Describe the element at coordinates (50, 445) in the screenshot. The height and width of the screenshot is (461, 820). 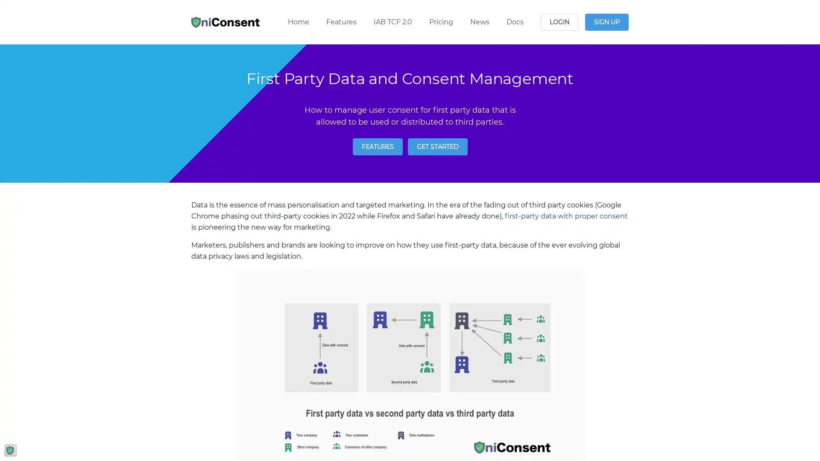
I see `Manage Options` at that location.